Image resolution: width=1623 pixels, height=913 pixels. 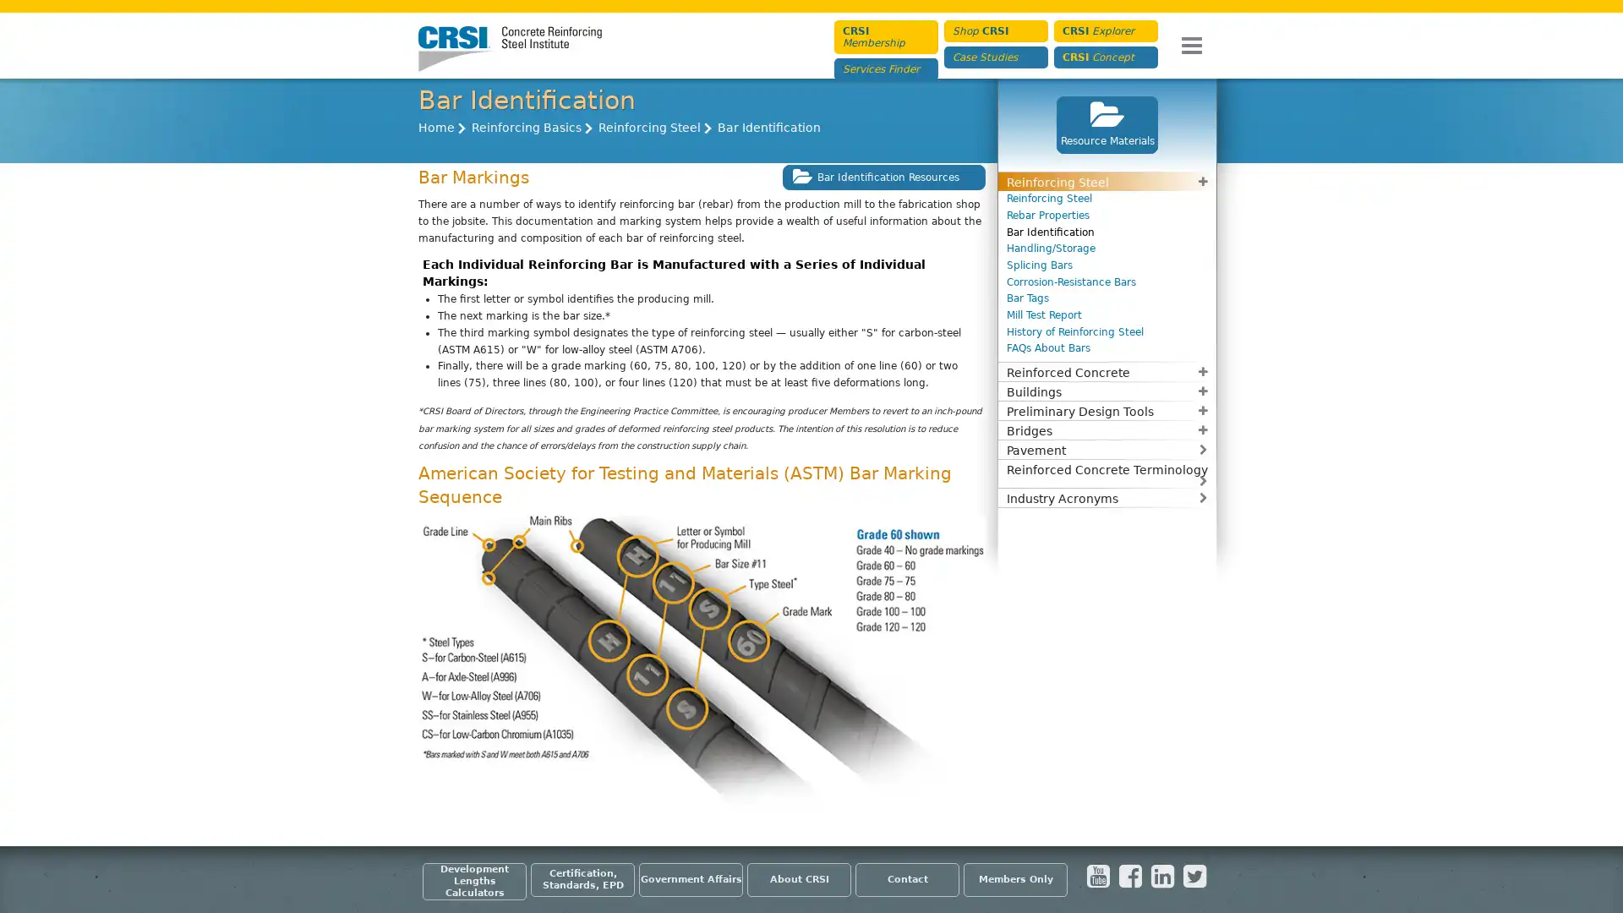 What do you see at coordinates (996, 57) in the screenshot?
I see `Case Studies` at bounding box center [996, 57].